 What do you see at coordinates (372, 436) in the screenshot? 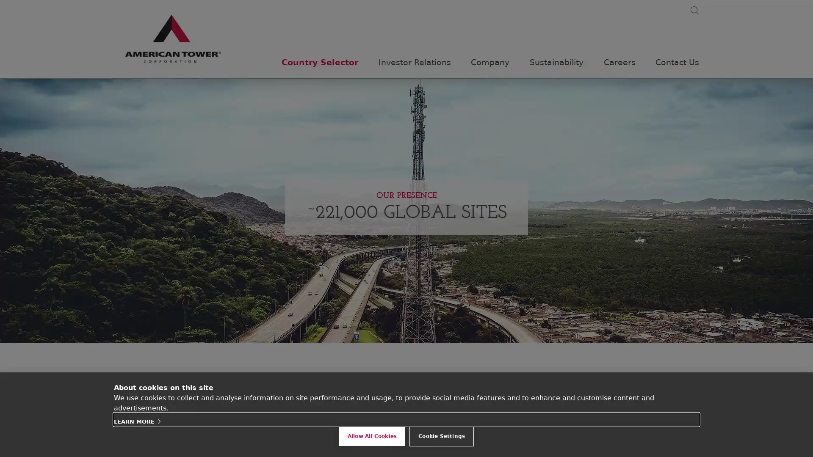
I see `Allow All Cookies` at bounding box center [372, 436].